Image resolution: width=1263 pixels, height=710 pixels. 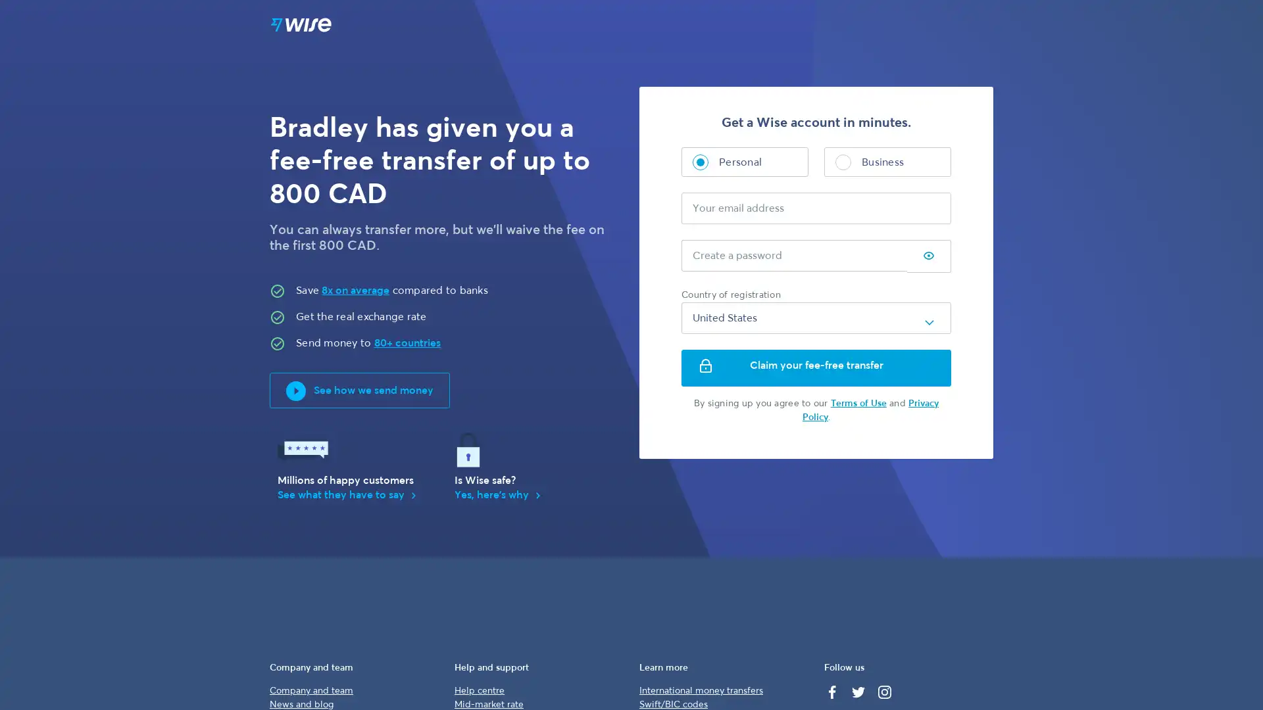 I want to click on EN, so click(x=861, y=26).